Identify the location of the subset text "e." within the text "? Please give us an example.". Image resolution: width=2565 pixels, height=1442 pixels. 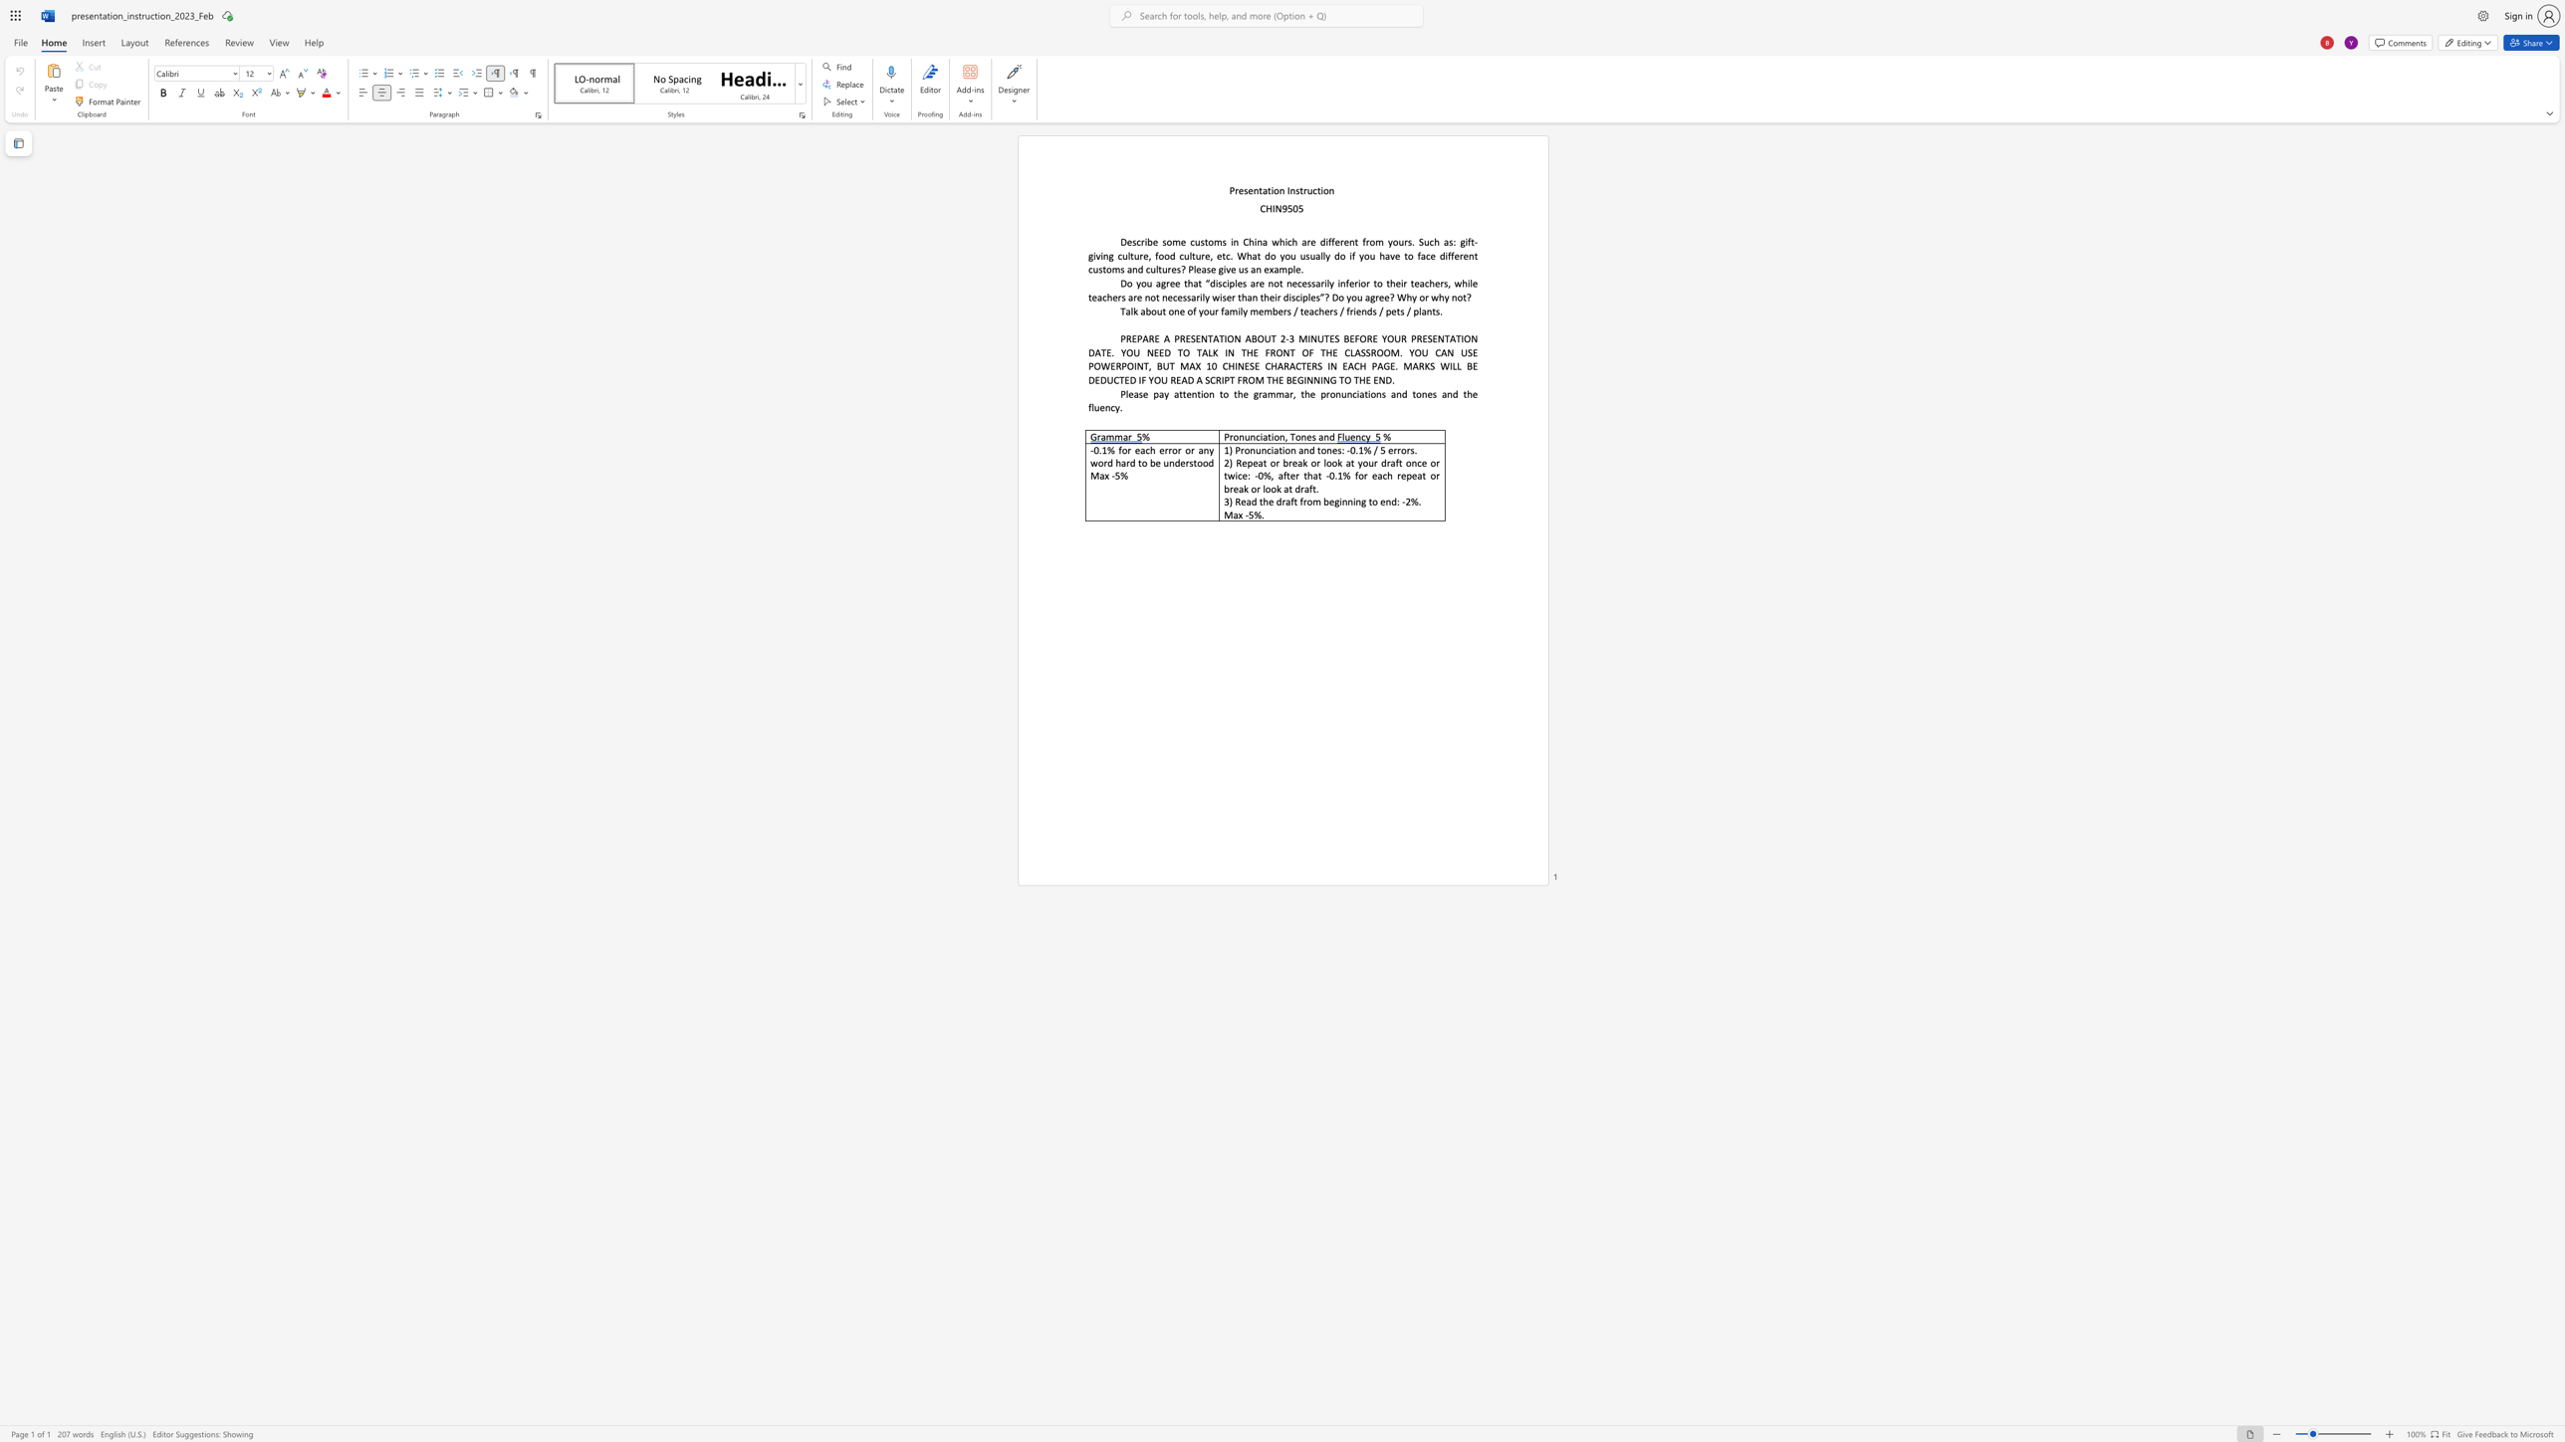
(1294, 269).